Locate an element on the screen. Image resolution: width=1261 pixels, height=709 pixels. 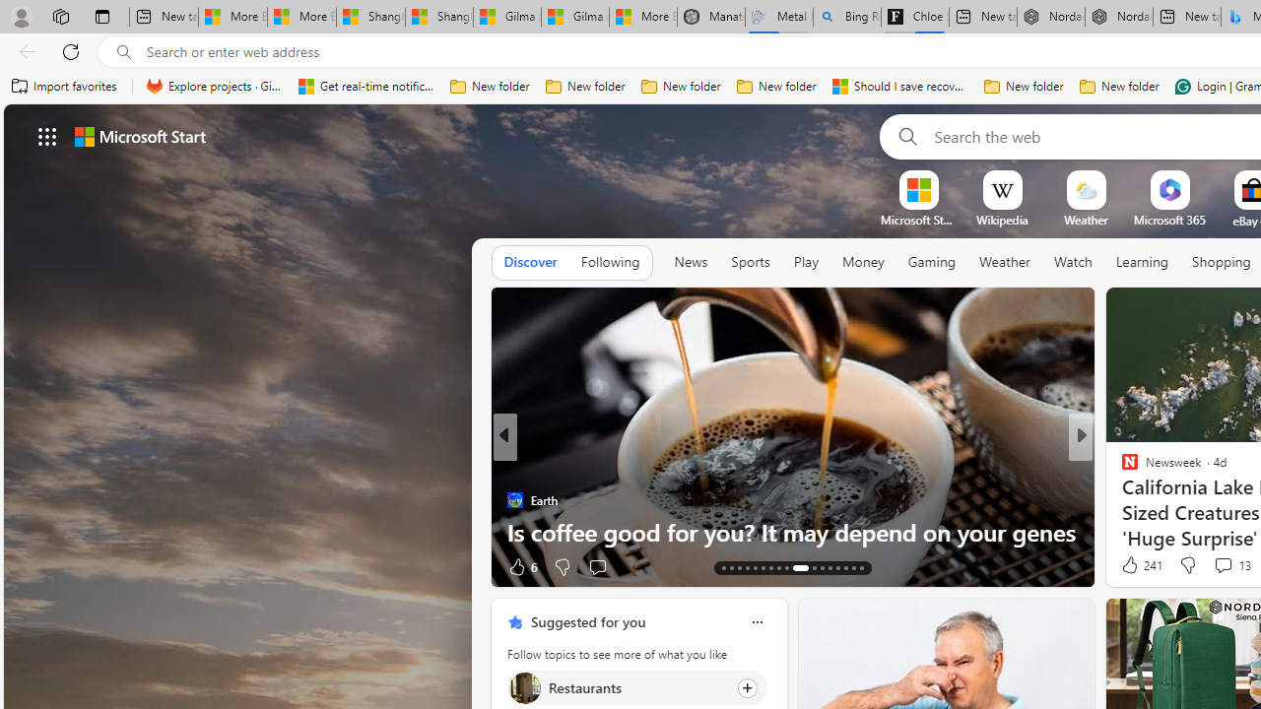
'248 Like' is located at coordinates (1135, 566).